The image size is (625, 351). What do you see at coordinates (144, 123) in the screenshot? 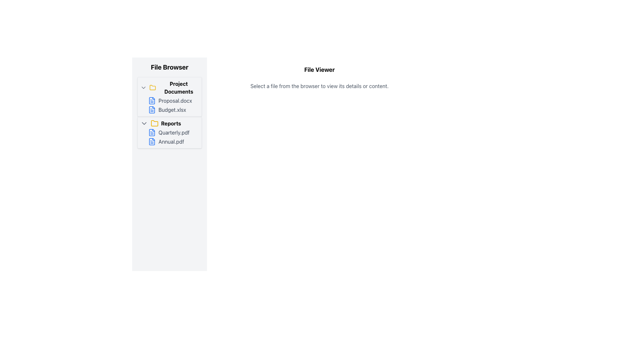
I see `the Dropdown indicator (chevron icon) next to the 'Reports' folder in the left sidebar` at bounding box center [144, 123].